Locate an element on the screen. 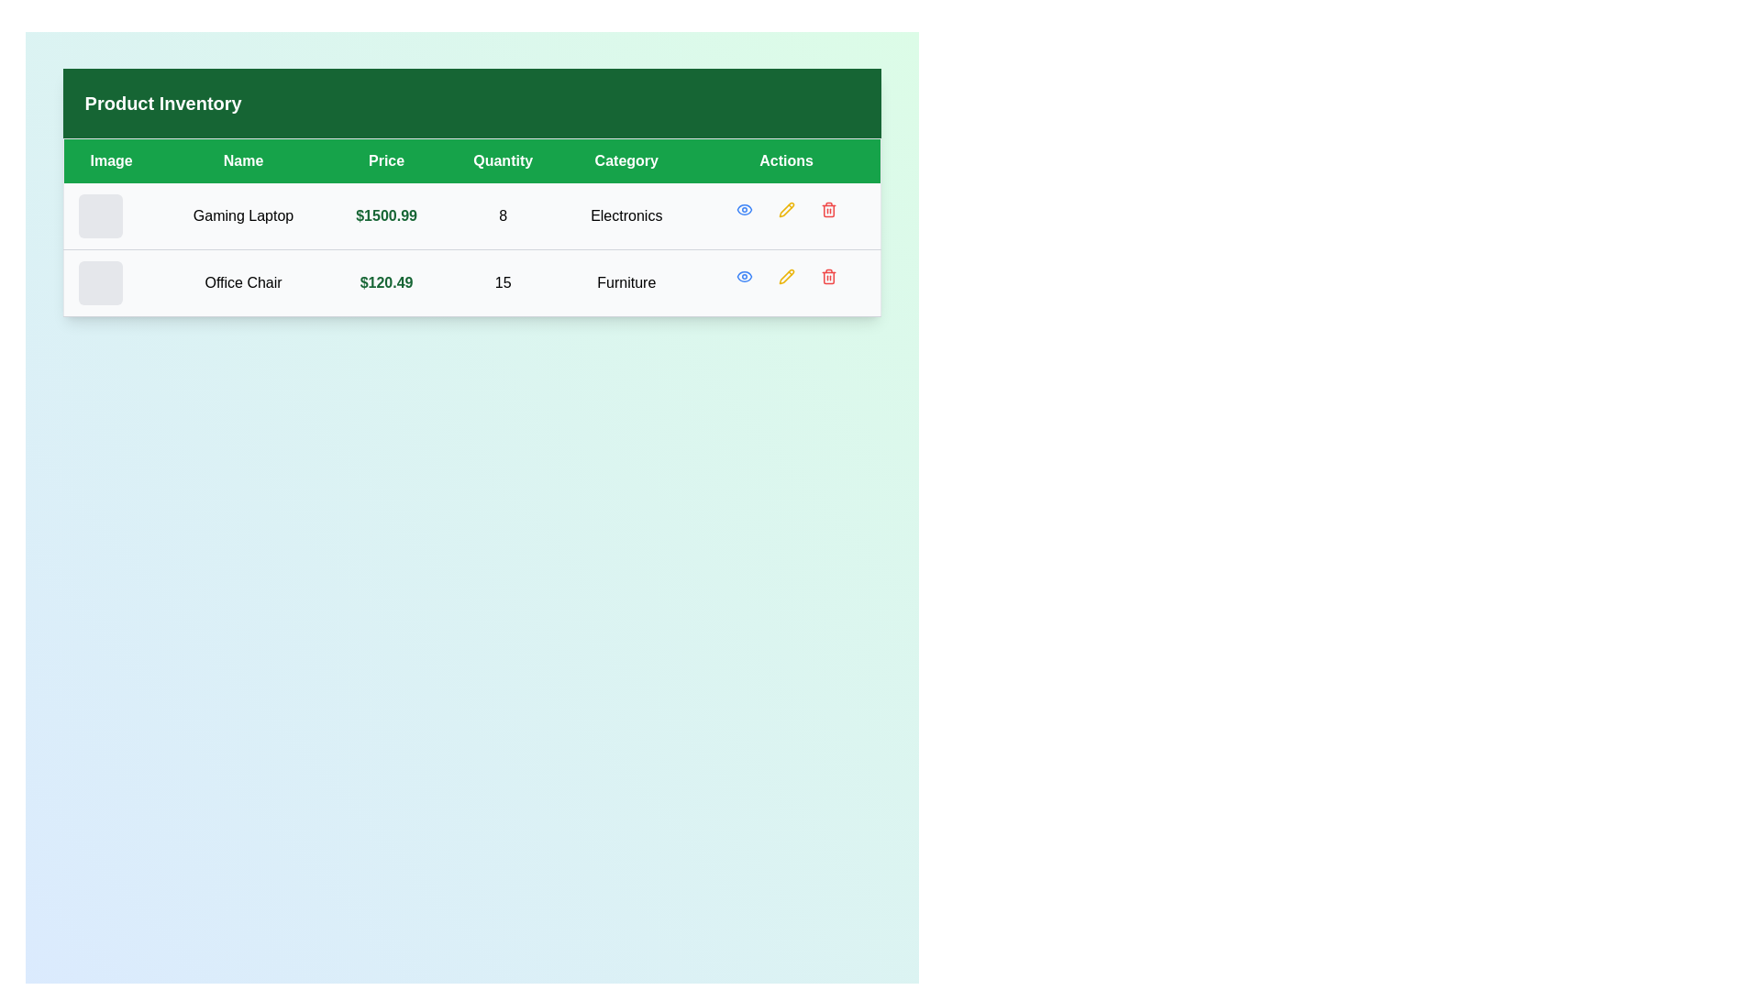 The image size is (1761, 990). the edit icon located in the 'Actions' column of the table corresponding to the 'Gaming Laptop' entry for accessibility is located at coordinates (786, 208).